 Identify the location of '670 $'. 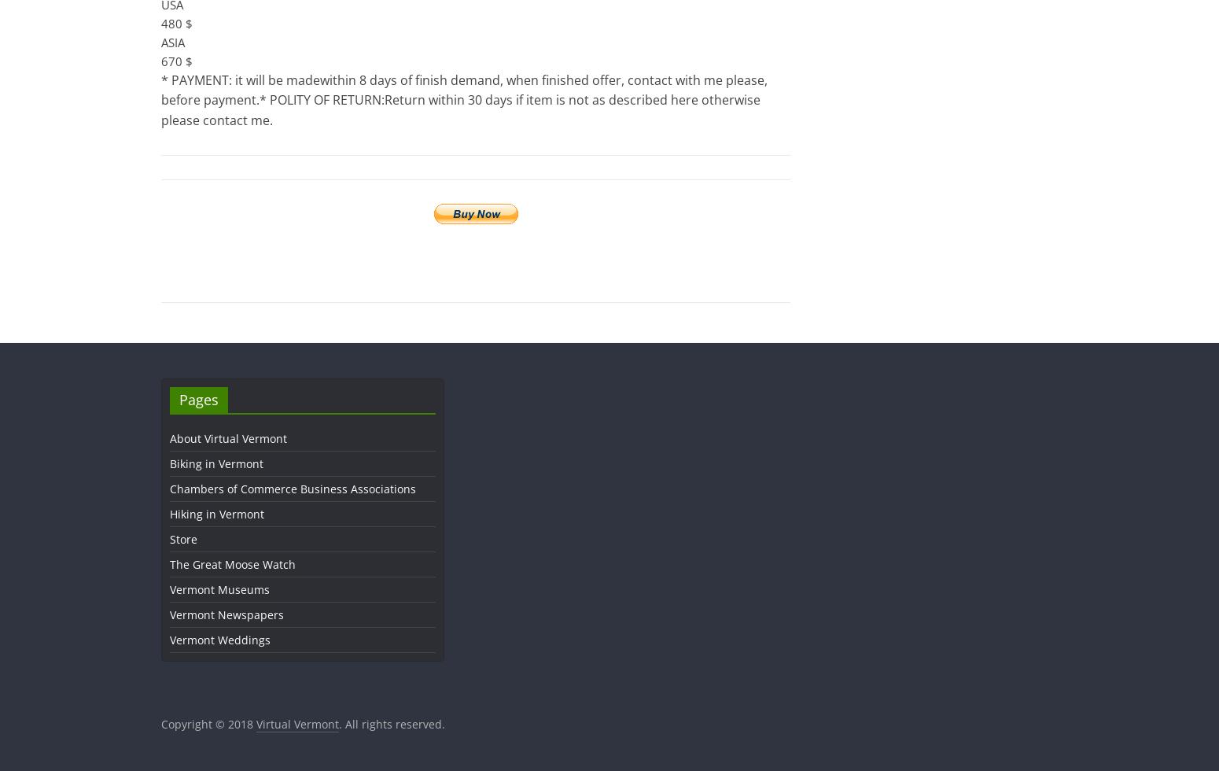
(176, 61).